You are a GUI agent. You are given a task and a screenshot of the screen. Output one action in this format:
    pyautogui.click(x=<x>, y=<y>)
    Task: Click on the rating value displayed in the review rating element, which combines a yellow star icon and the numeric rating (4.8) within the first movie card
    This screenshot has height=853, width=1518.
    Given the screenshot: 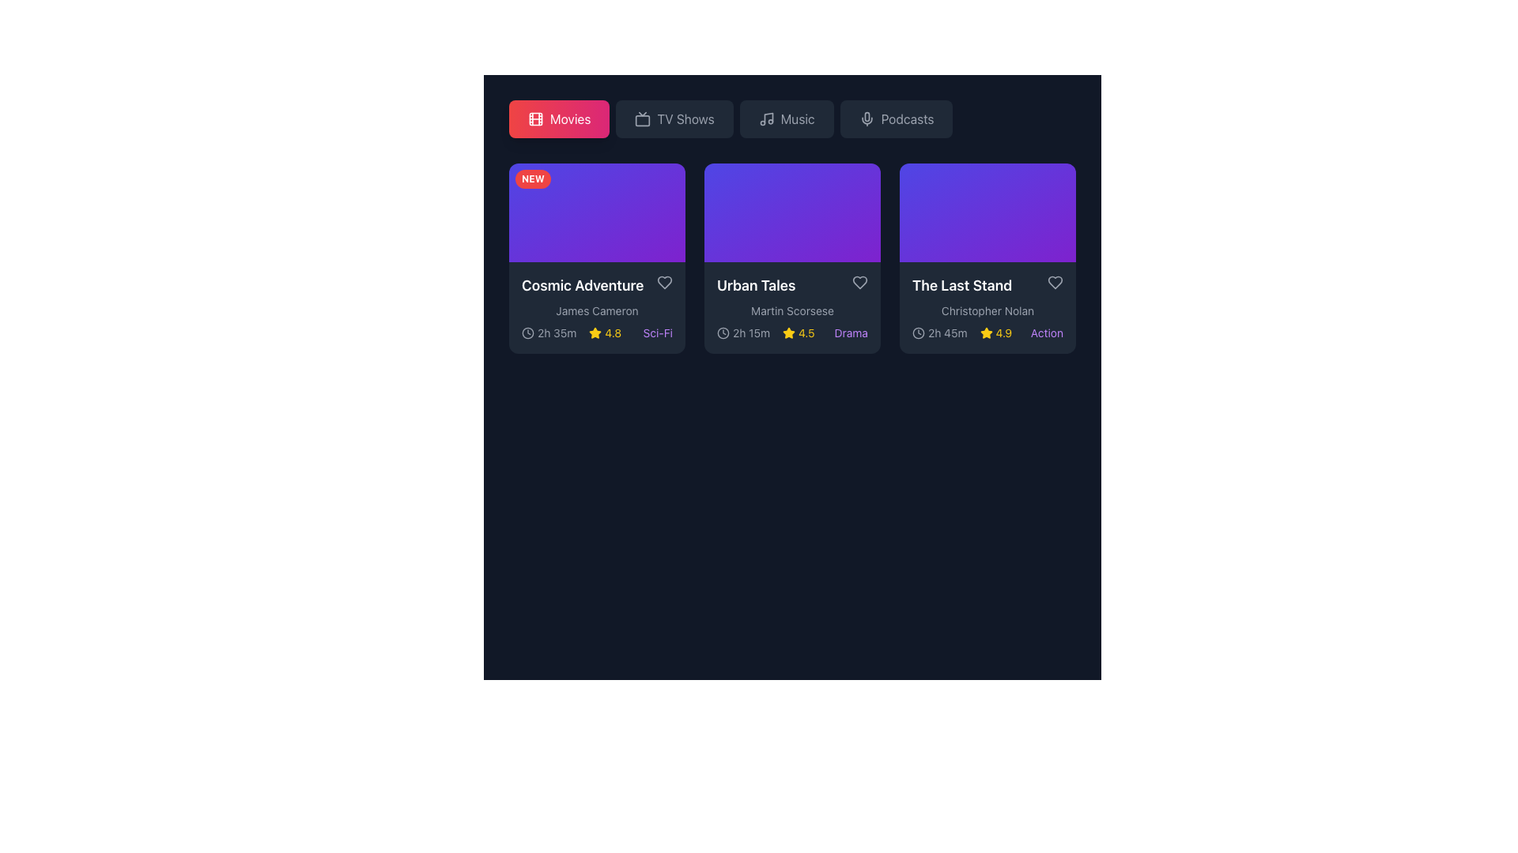 What is the action you would take?
    pyautogui.click(x=604, y=333)
    